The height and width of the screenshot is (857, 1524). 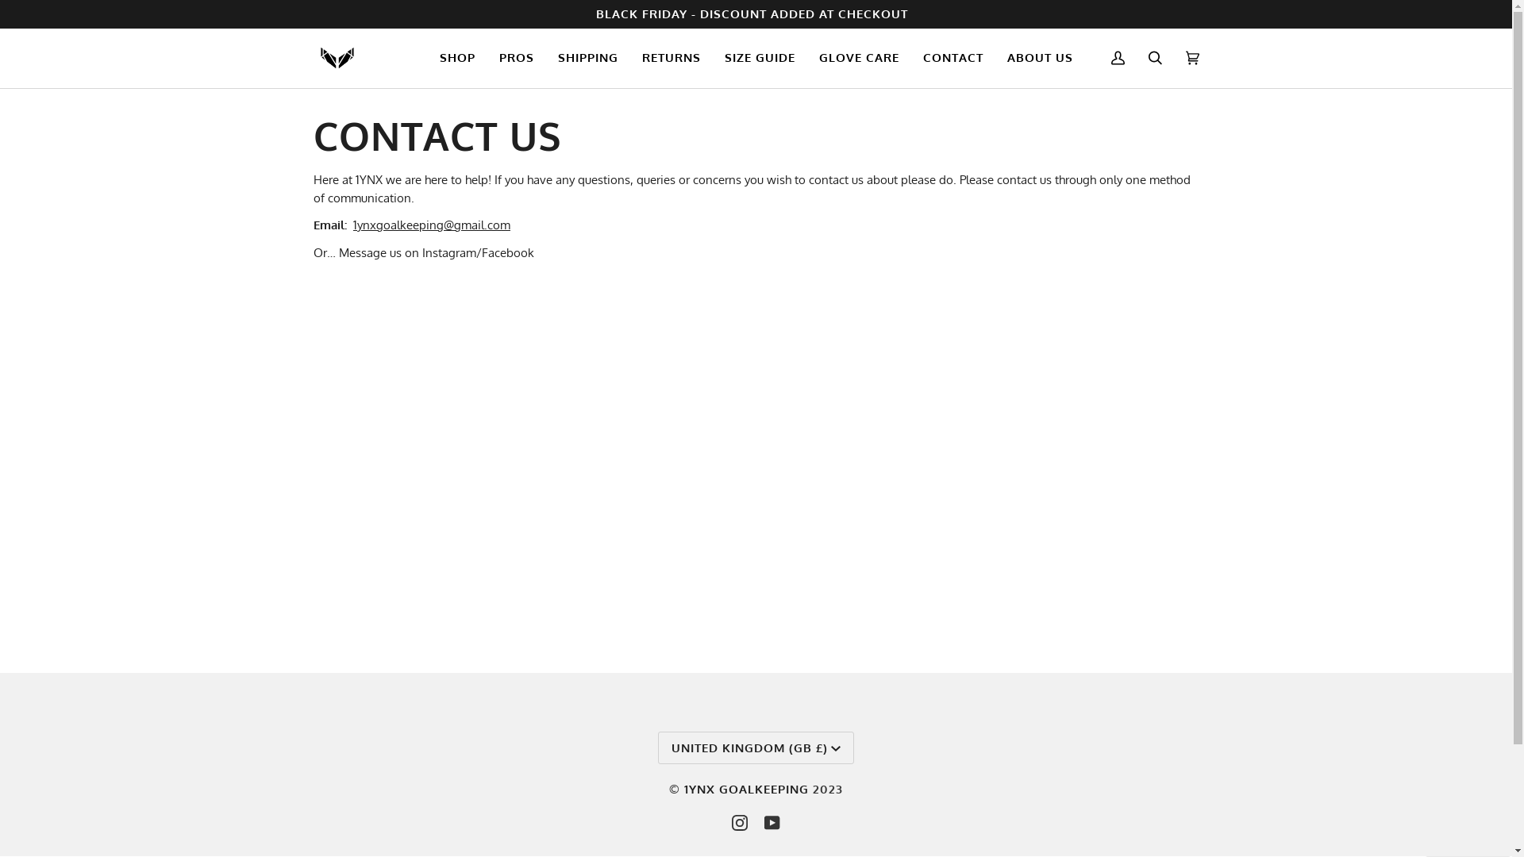 I want to click on 'ABOUT US', so click(x=994, y=57).